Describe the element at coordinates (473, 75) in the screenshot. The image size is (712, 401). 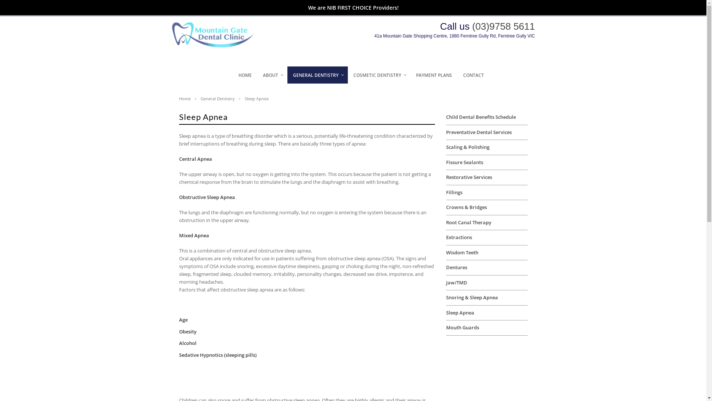
I see `'CONTACT'` at that location.